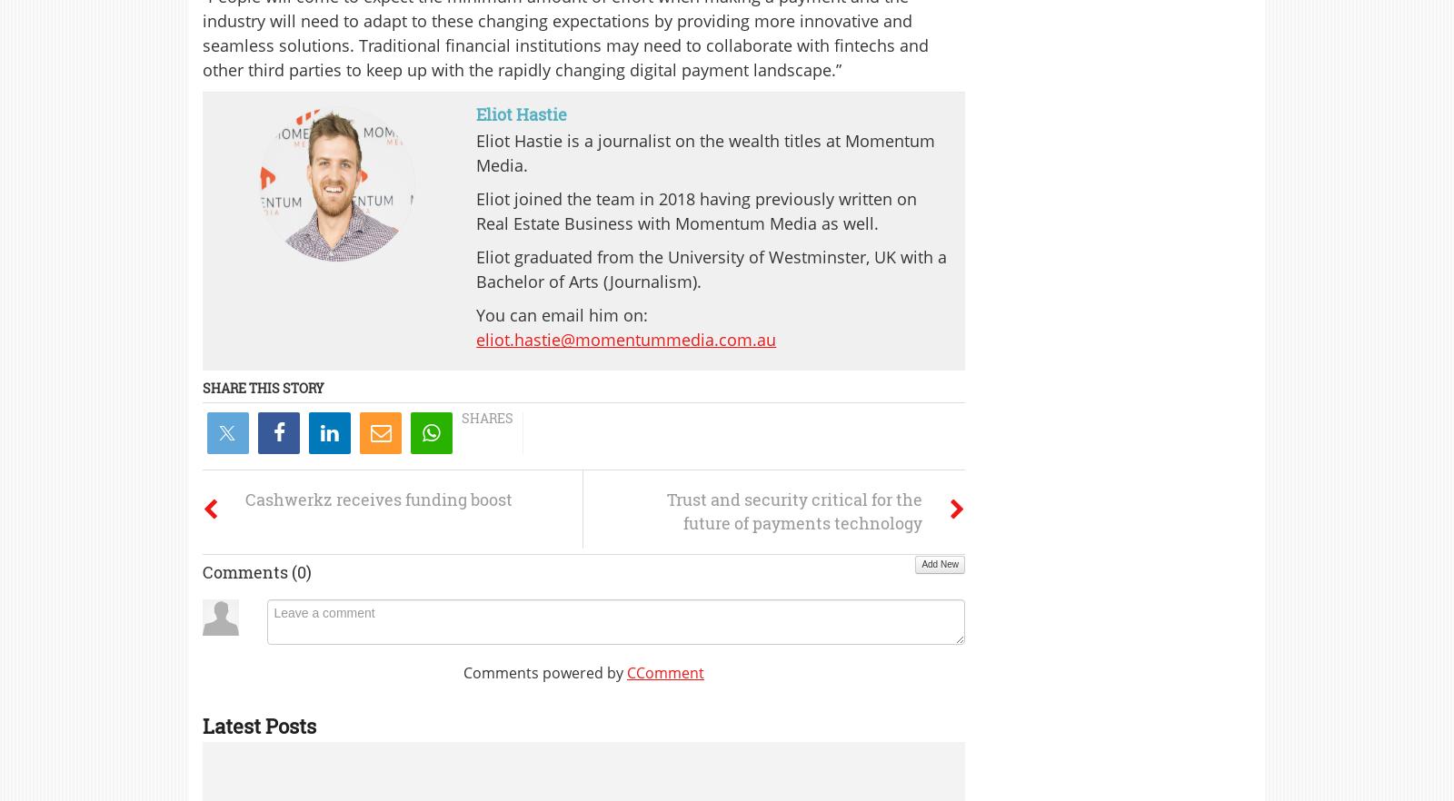  What do you see at coordinates (486, 418) in the screenshot?
I see `'SHARES'` at bounding box center [486, 418].